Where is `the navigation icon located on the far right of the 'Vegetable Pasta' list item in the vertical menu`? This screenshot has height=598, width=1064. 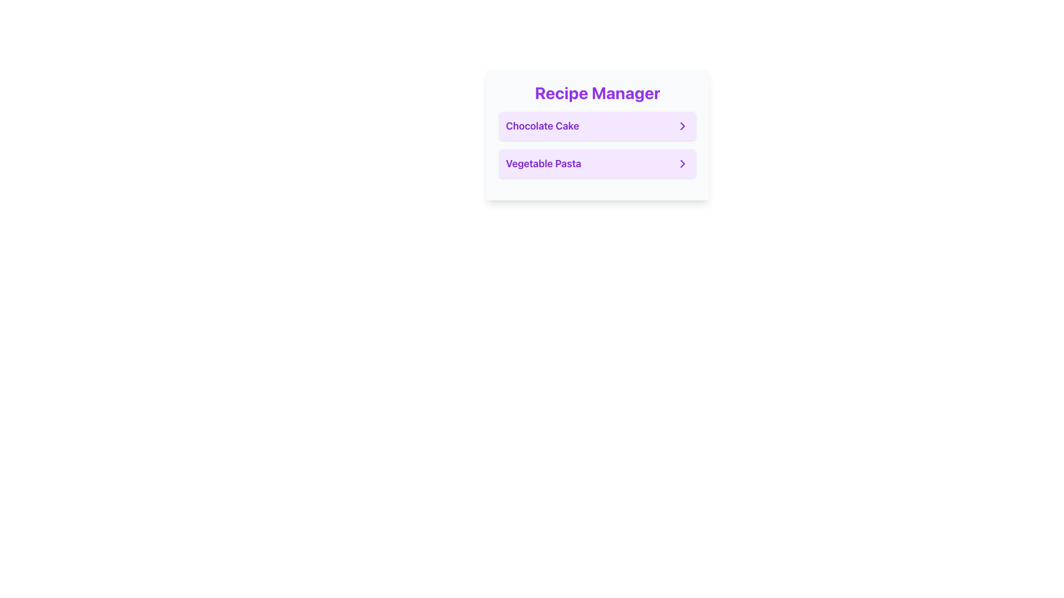 the navigation icon located on the far right of the 'Vegetable Pasta' list item in the vertical menu is located at coordinates (682, 164).